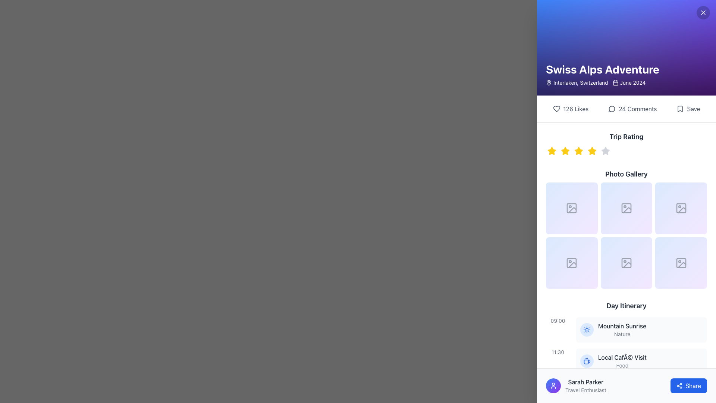 The image size is (716, 403). I want to click on the sun icon, which is located in the center of a blue circular background, representing brightness adjustment or daylight mode activation, so click(587, 329).